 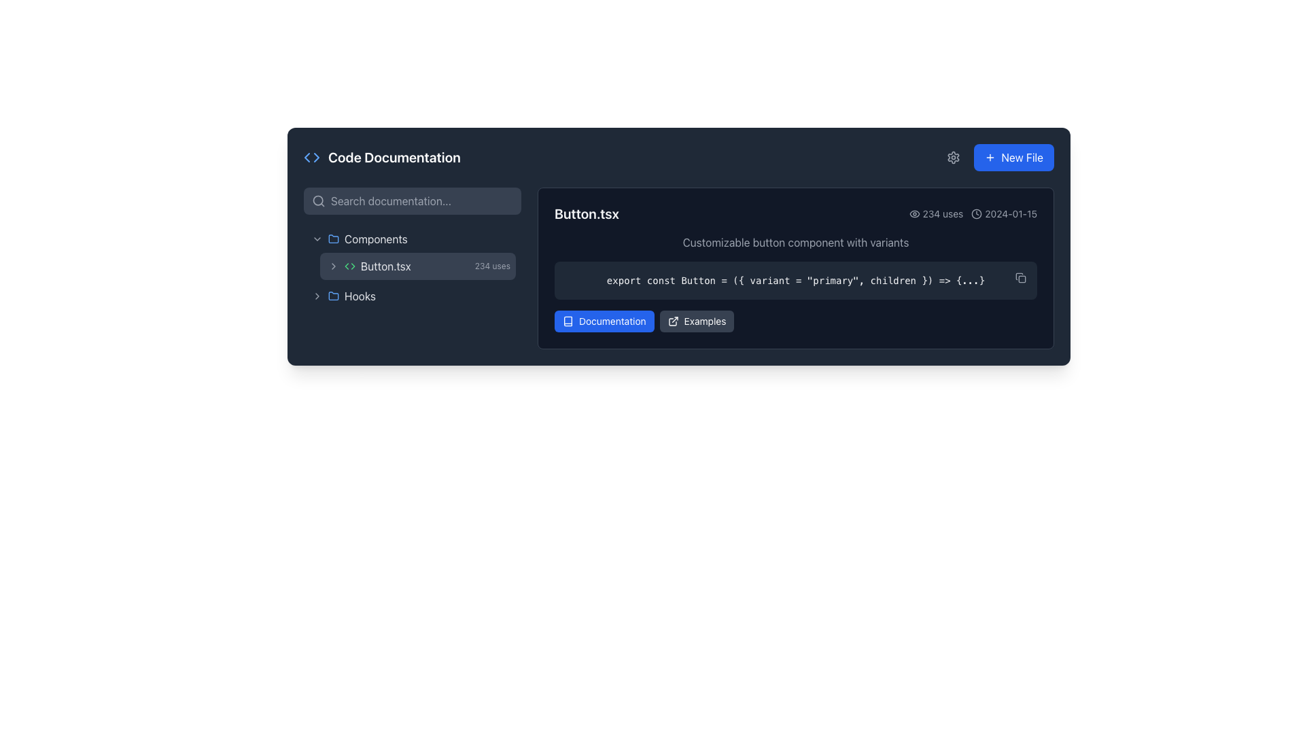 What do you see at coordinates (568, 321) in the screenshot?
I see `the SVG icon styled as a book, which is located to the left of the 'Documentation' text within the blue button` at bounding box center [568, 321].